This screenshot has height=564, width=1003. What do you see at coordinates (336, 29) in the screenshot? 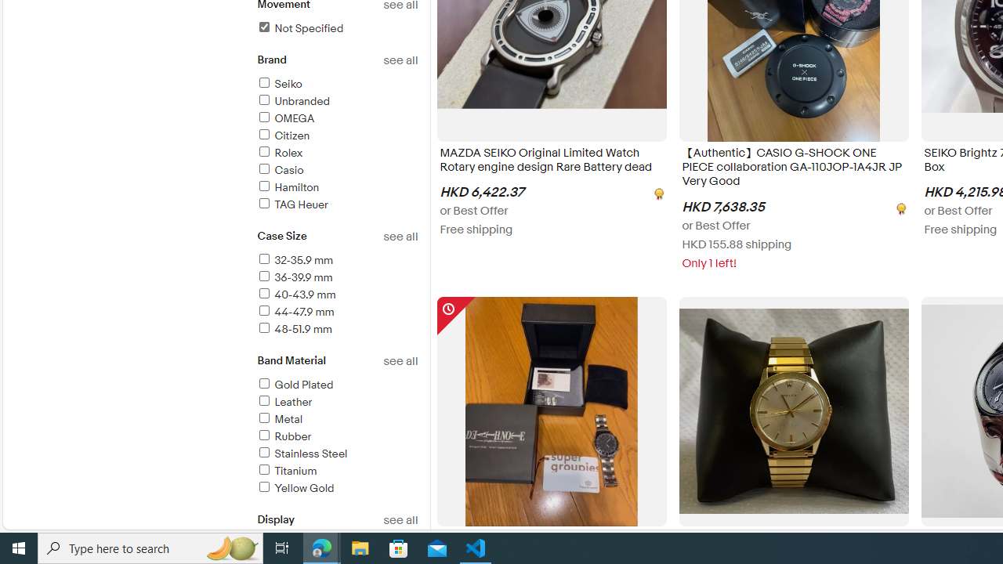
I see `'Not SpecifiedFilter Applied'` at bounding box center [336, 29].